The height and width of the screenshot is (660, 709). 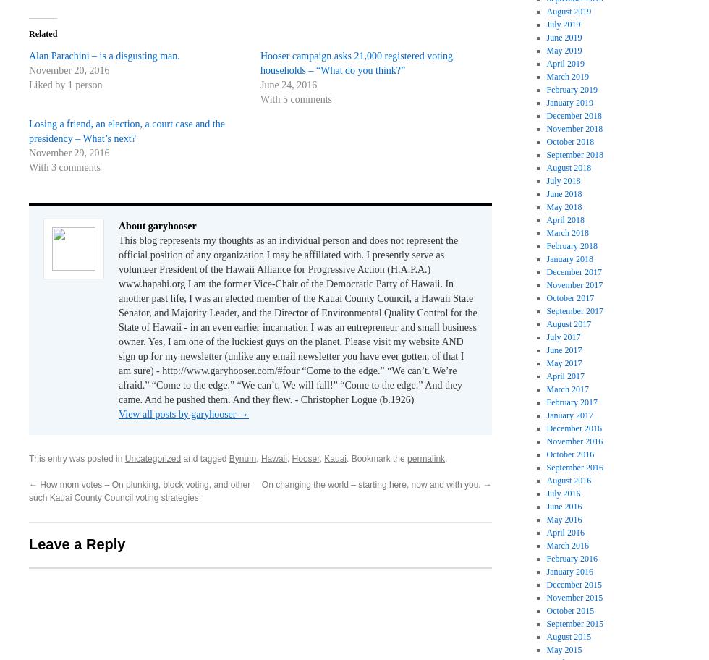 I want to click on 'November 2018', so click(x=545, y=128).